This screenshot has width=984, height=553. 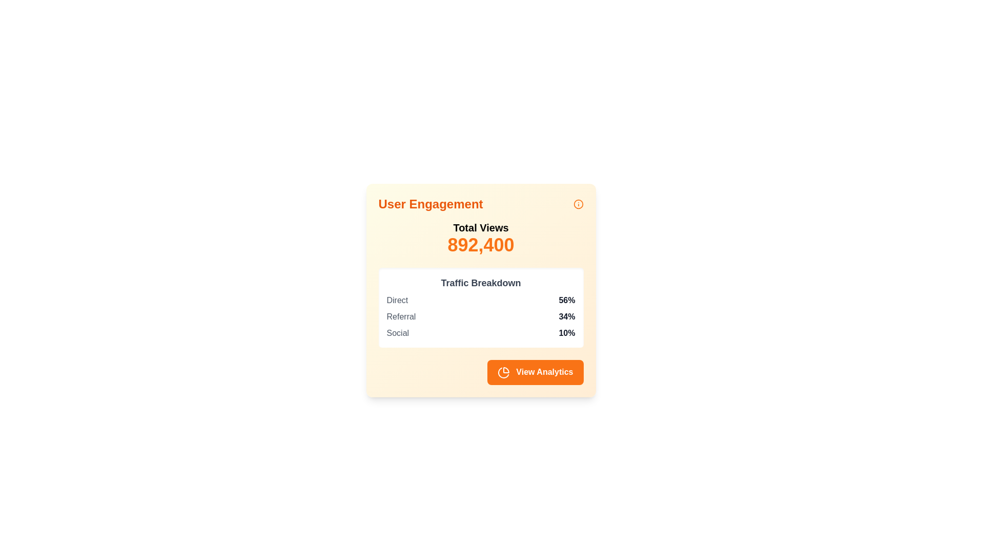 What do you see at coordinates (535, 372) in the screenshot?
I see `the primary action button located at the bottom-right of the 'User Engagement' card` at bounding box center [535, 372].